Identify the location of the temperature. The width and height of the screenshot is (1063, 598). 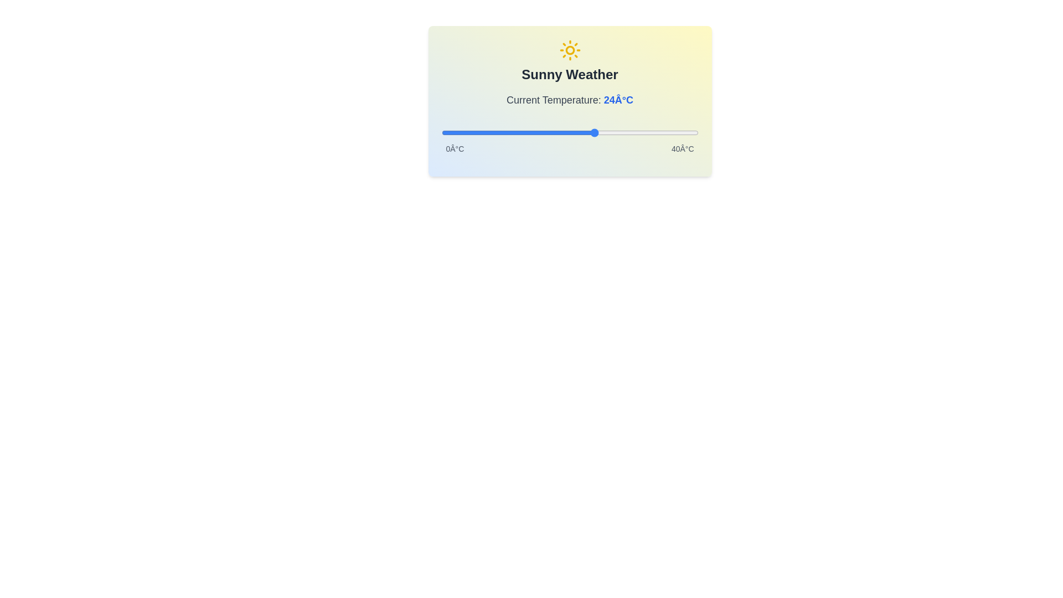
(595, 132).